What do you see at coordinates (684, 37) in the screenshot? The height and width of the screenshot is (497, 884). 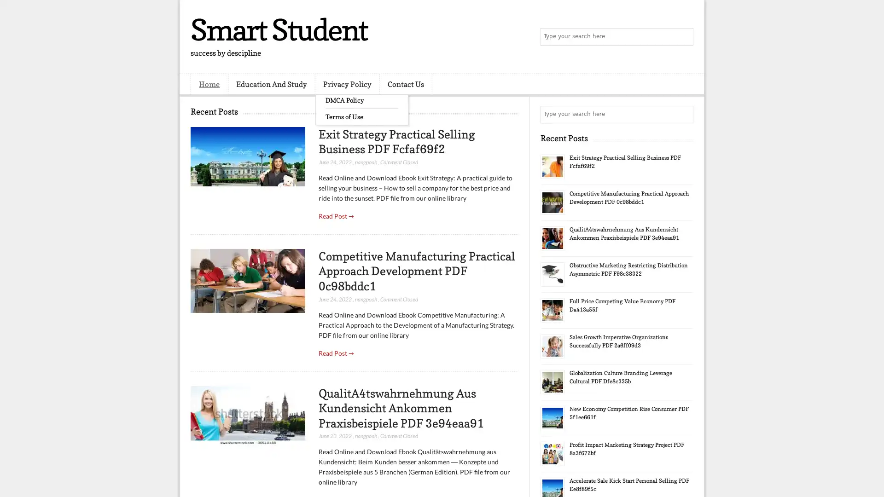 I see `Search` at bounding box center [684, 37].